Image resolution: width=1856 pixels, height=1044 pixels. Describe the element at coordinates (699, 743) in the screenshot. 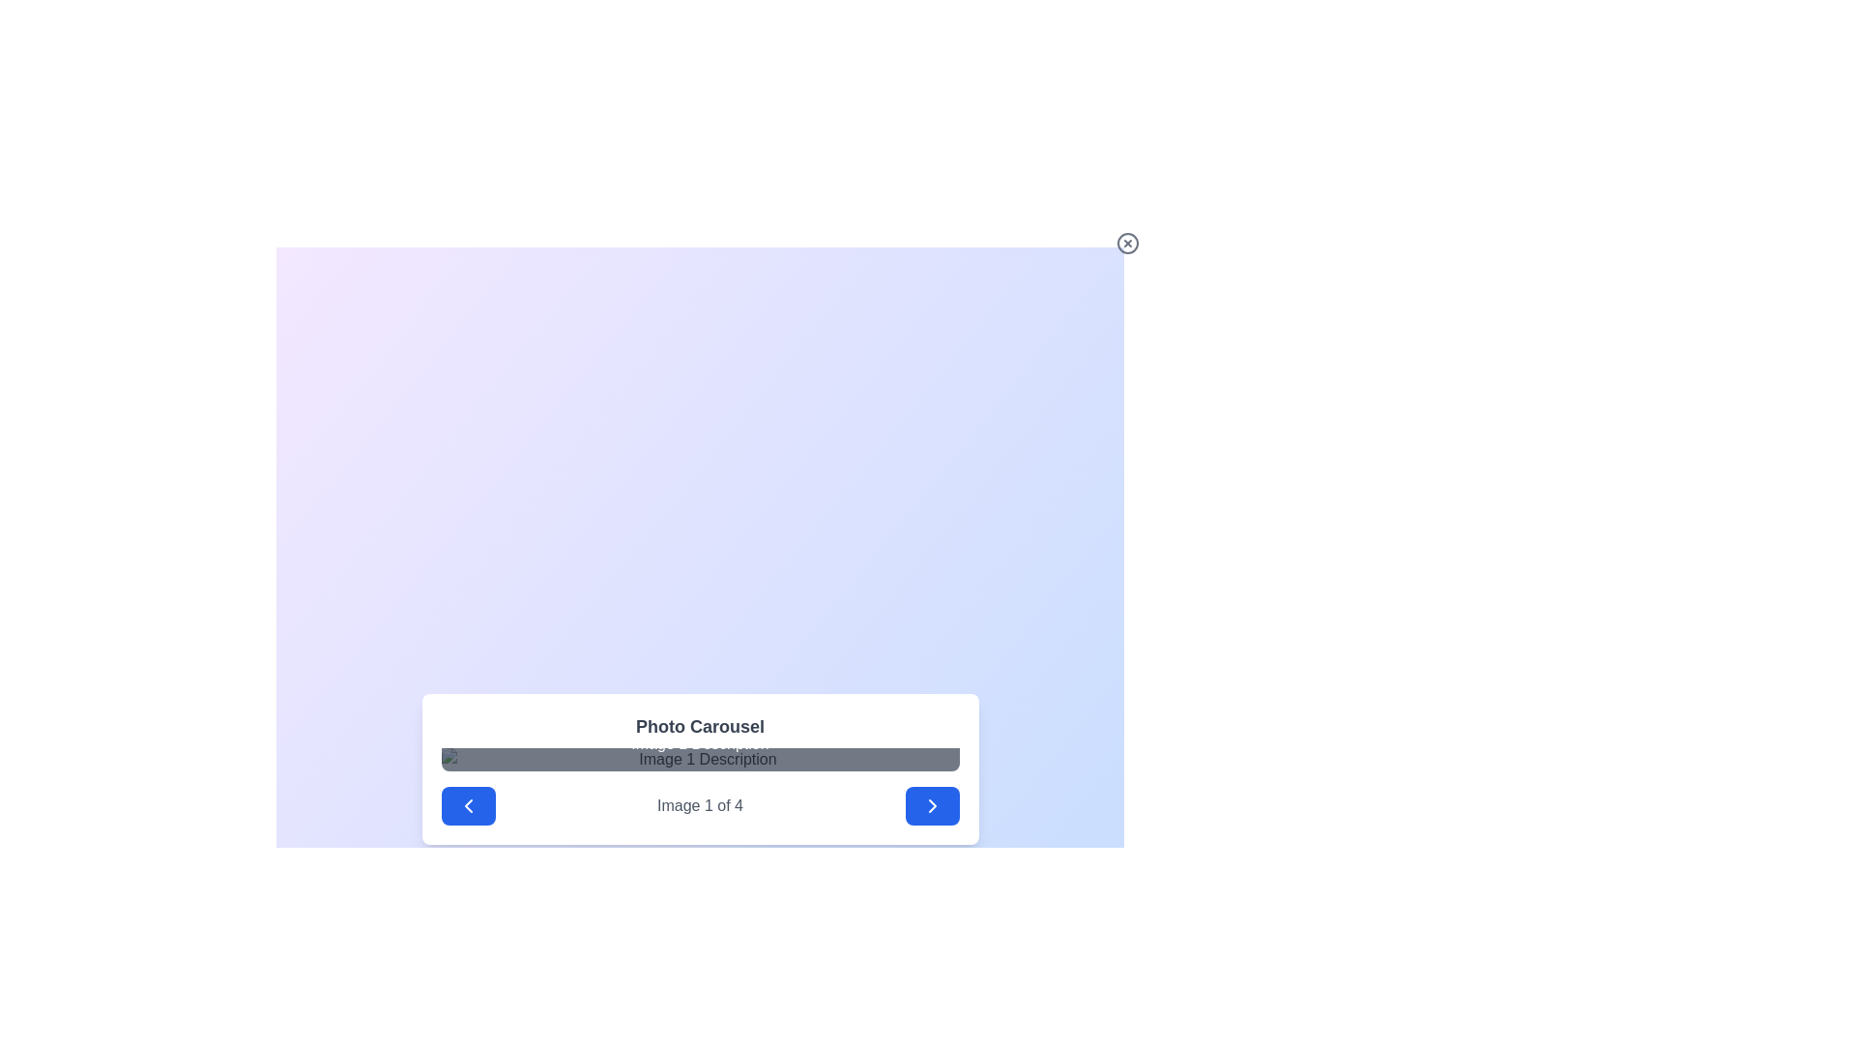

I see `text label with background overlay providing context for the displayed image in the photo carousel, located at the bottom of the image display area` at that location.